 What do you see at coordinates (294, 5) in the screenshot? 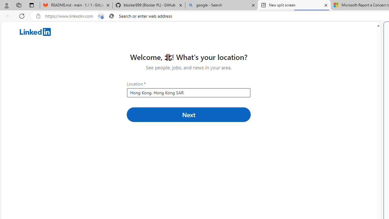
I see `'New split screen'` at bounding box center [294, 5].